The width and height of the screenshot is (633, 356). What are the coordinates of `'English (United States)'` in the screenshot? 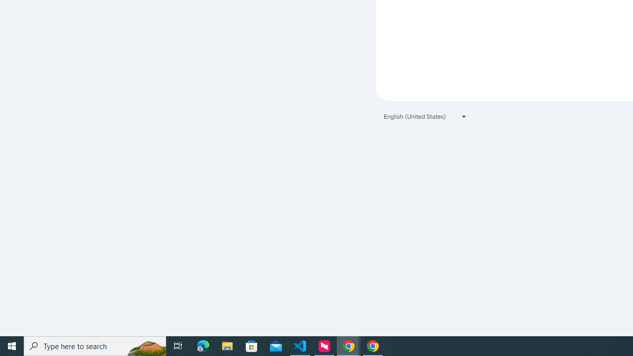 It's located at (425, 116).